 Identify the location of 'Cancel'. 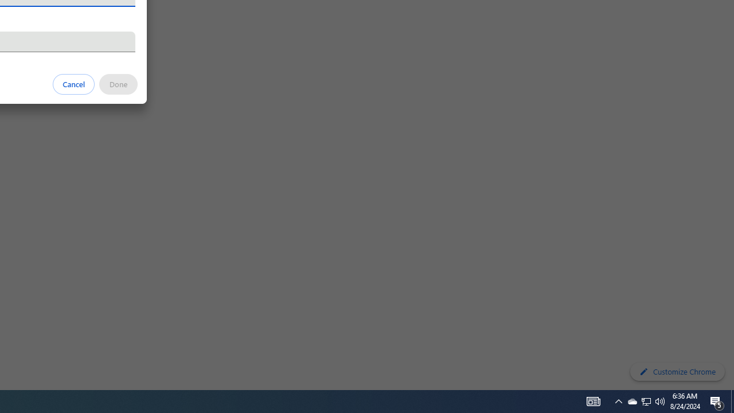
(73, 83).